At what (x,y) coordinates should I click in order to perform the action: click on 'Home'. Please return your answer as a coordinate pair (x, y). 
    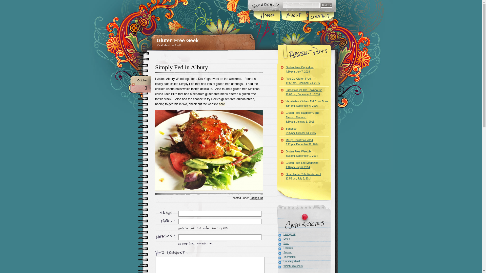
    Looking at the image, I should click on (267, 16).